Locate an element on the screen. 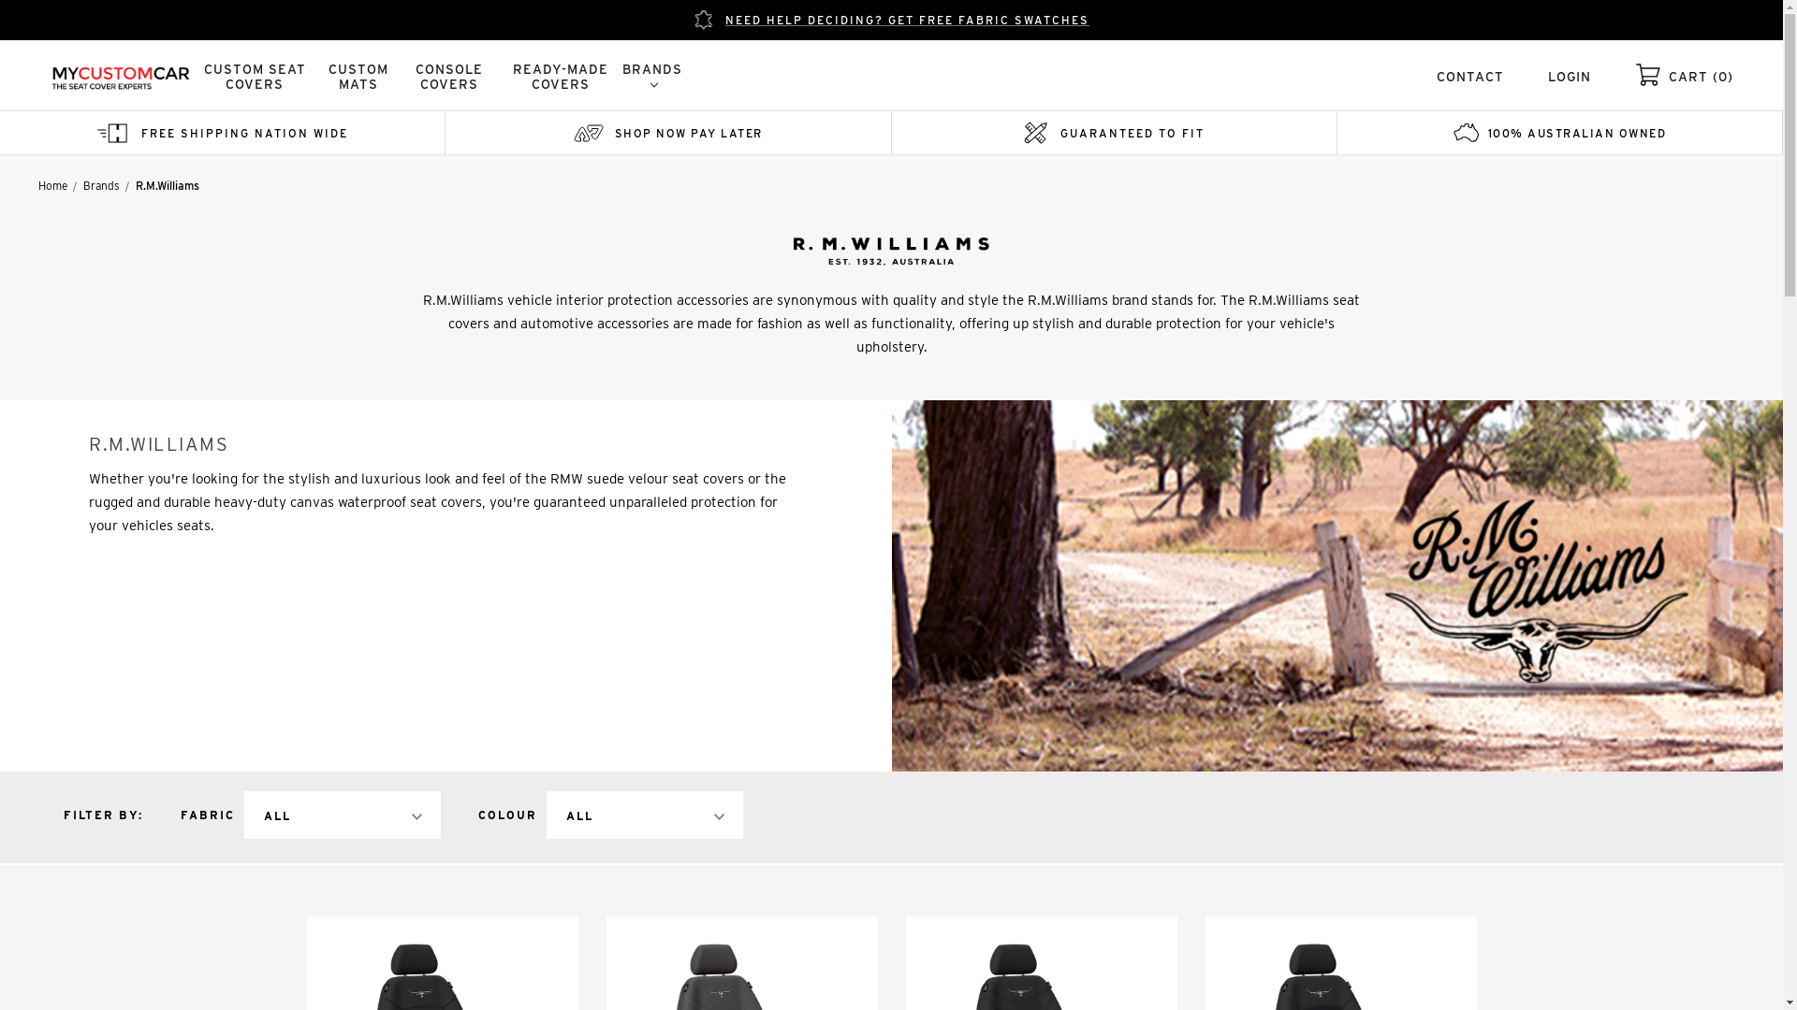  'BRANDS' is located at coordinates (651, 75).